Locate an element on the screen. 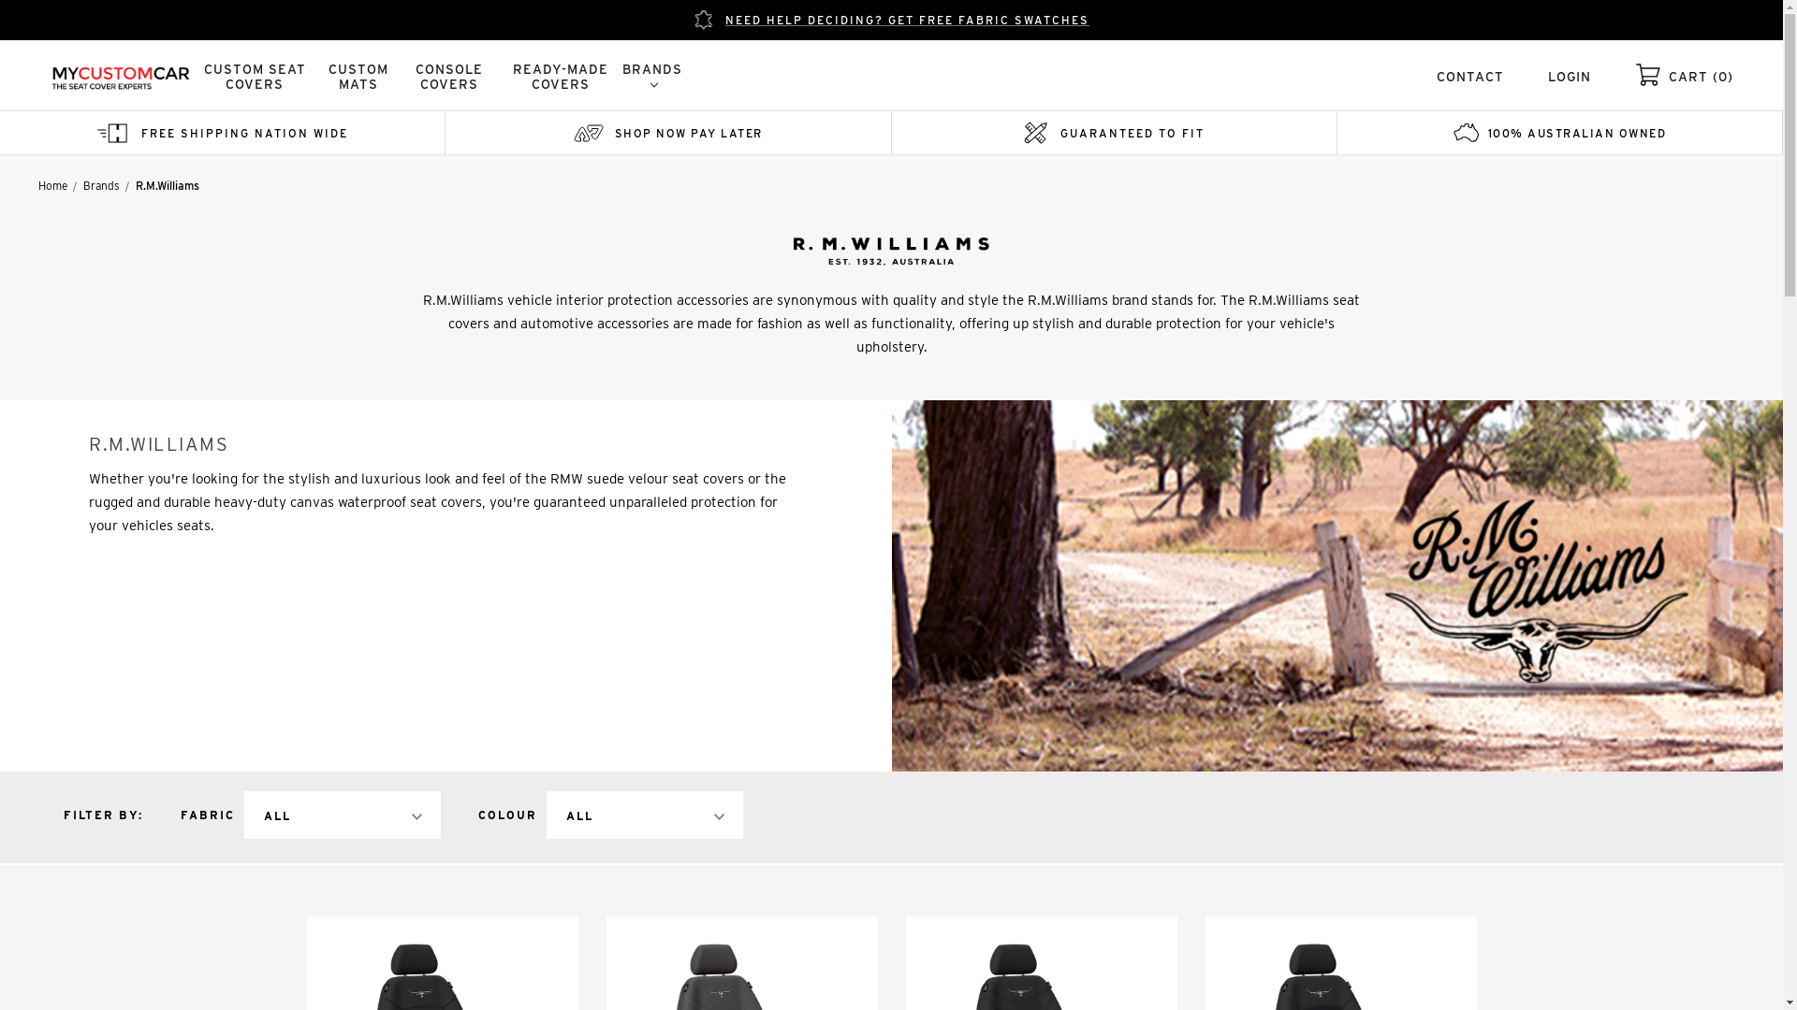  'BRANDS' is located at coordinates (651, 75).